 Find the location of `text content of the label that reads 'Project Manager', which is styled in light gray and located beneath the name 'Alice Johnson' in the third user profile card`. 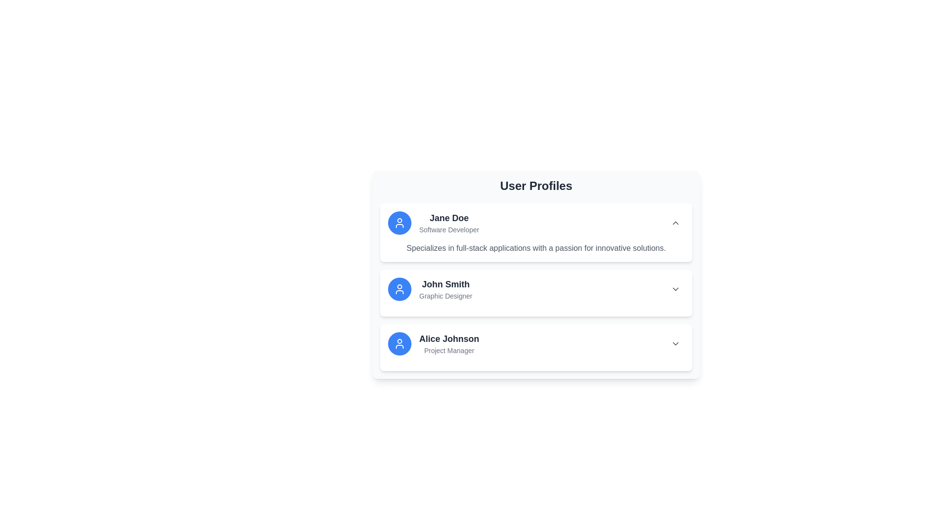

text content of the label that reads 'Project Manager', which is styled in light gray and located beneath the name 'Alice Johnson' in the third user profile card is located at coordinates (448, 351).